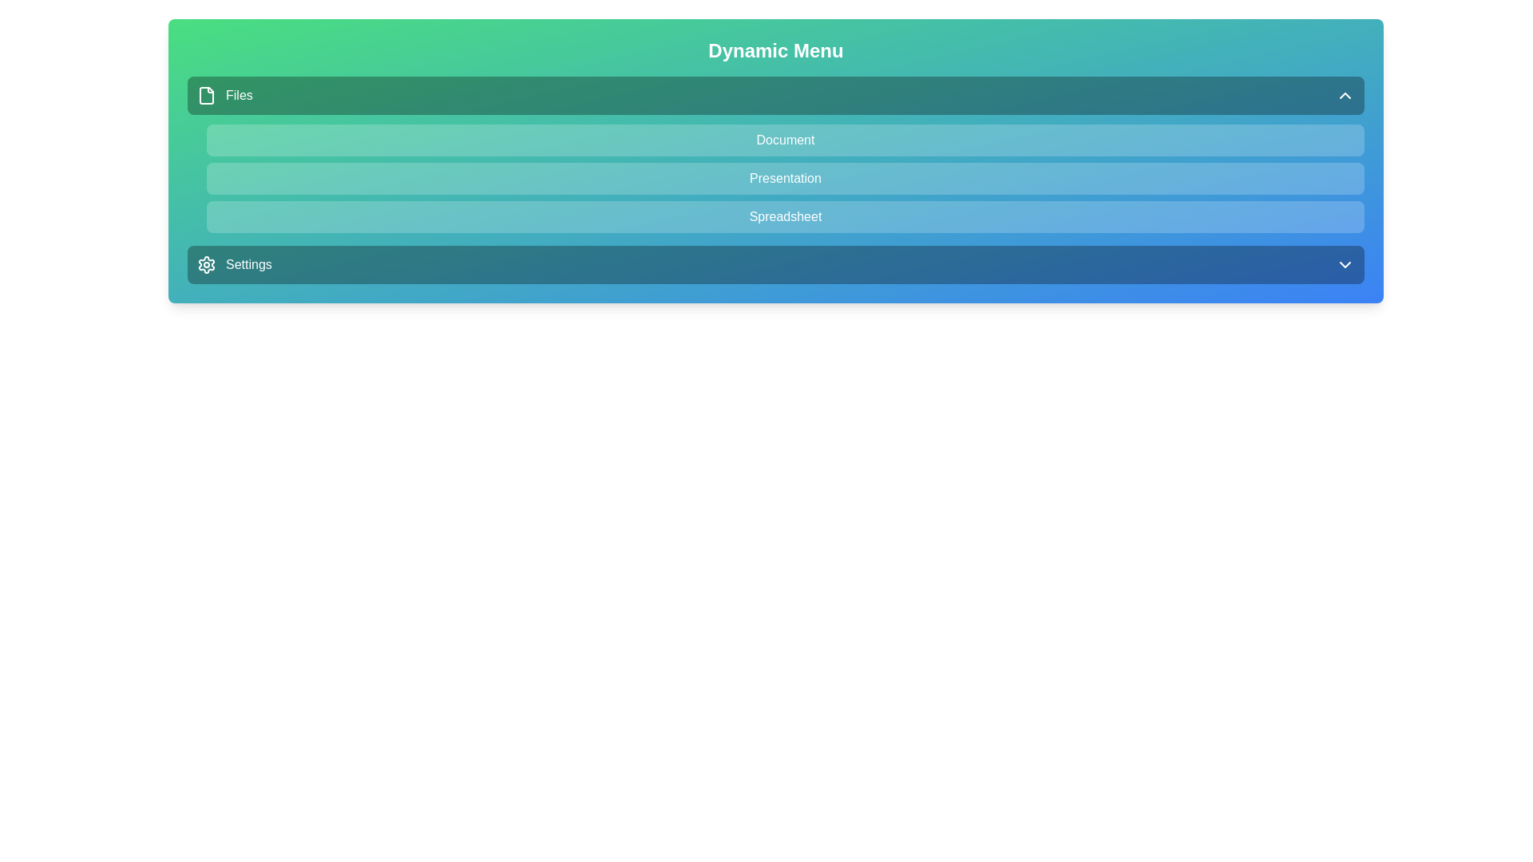 The width and height of the screenshot is (1533, 862). Describe the element at coordinates (224, 95) in the screenshot. I see `the menu option for files located at the top of the menu bar, adjacent to the file icon` at that location.